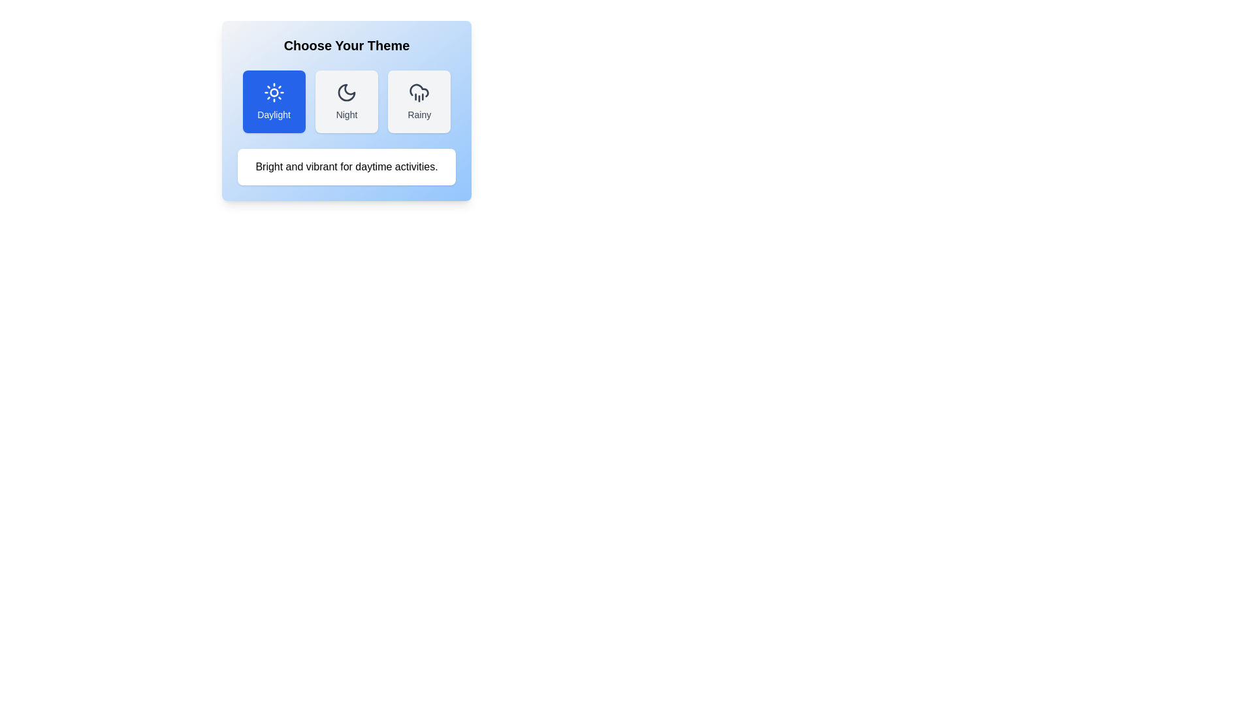 Image resolution: width=1254 pixels, height=705 pixels. What do you see at coordinates (347, 101) in the screenshot?
I see `the theme button corresponding to Night` at bounding box center [347, 101].